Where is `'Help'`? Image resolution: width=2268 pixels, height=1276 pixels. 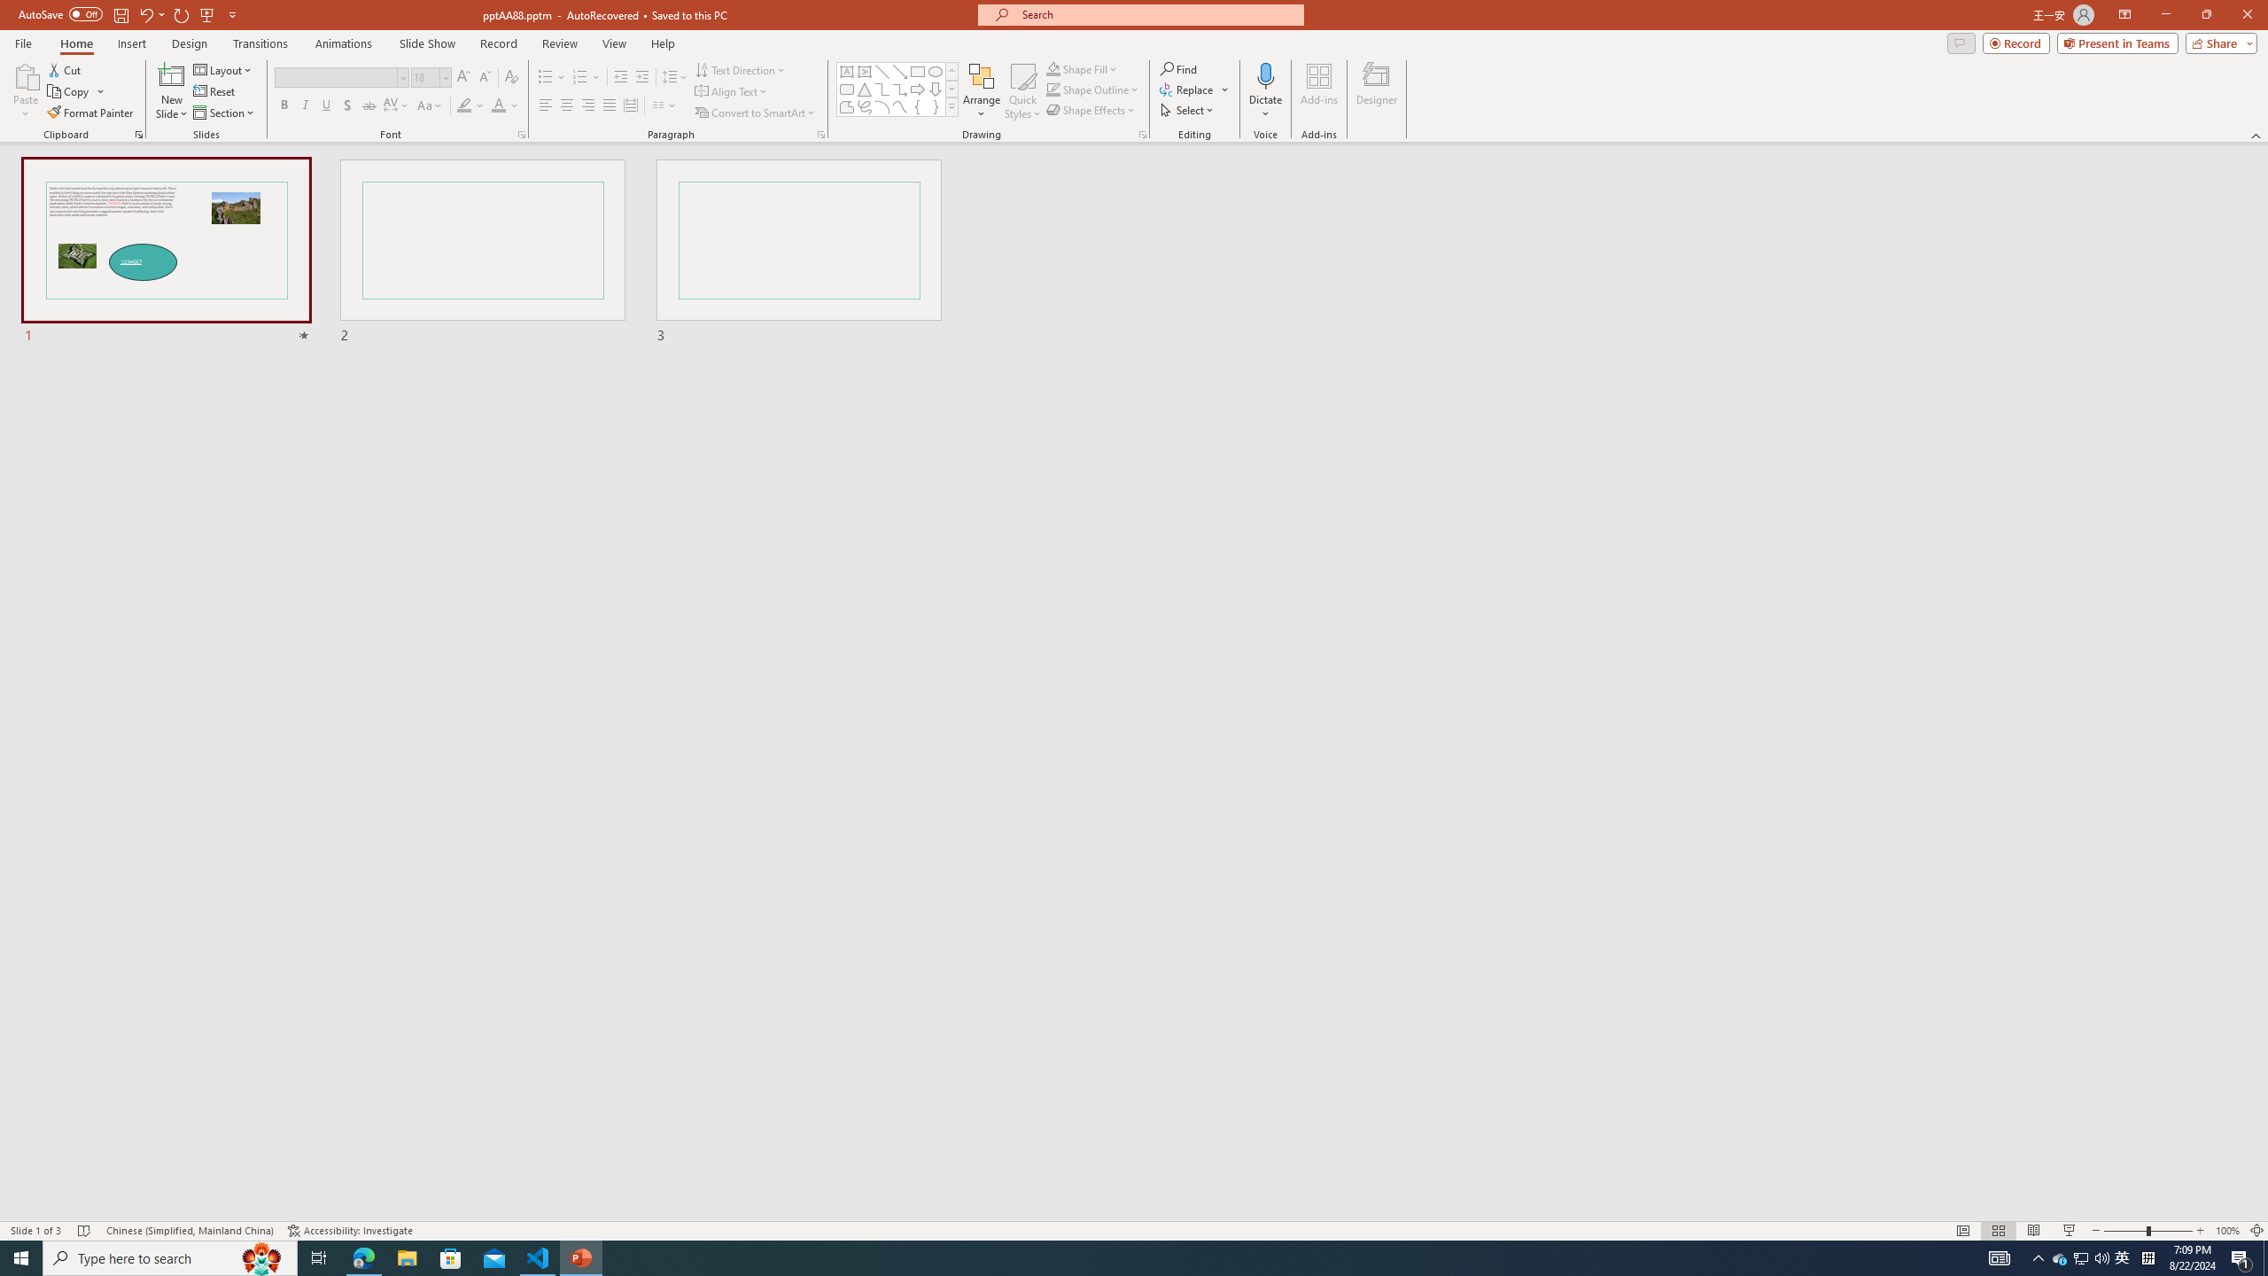 'Help' is located at coordinates (662, 43).